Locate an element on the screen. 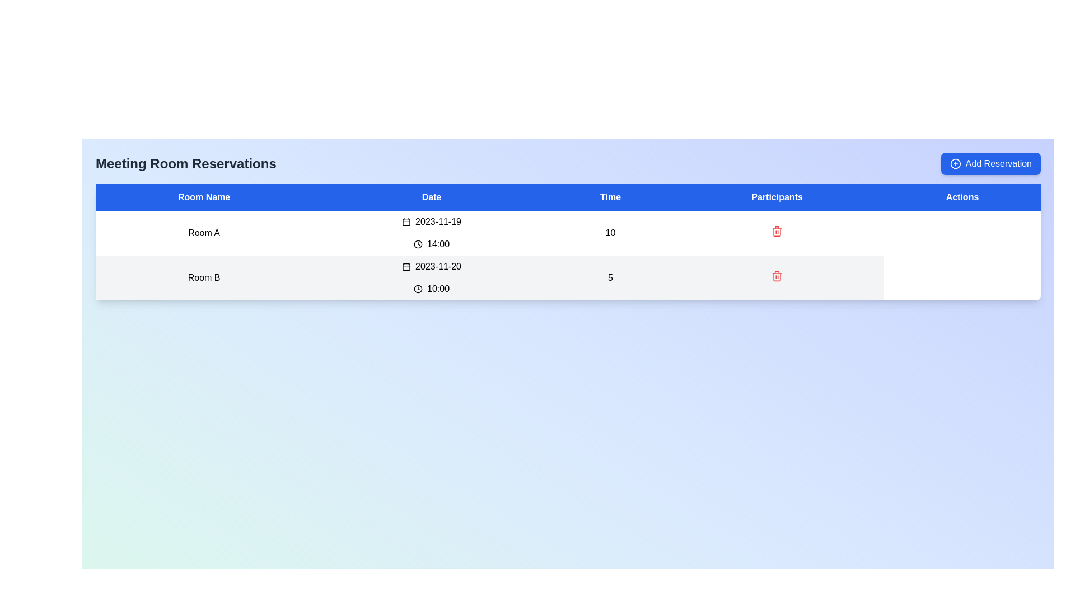 This screenshot has height=604, width=1075. the date reservation element located in the second row of the table under the 'Date' column, positioned to the right of 'Room B' and above '10:00' is located at coordinates (431, 267).